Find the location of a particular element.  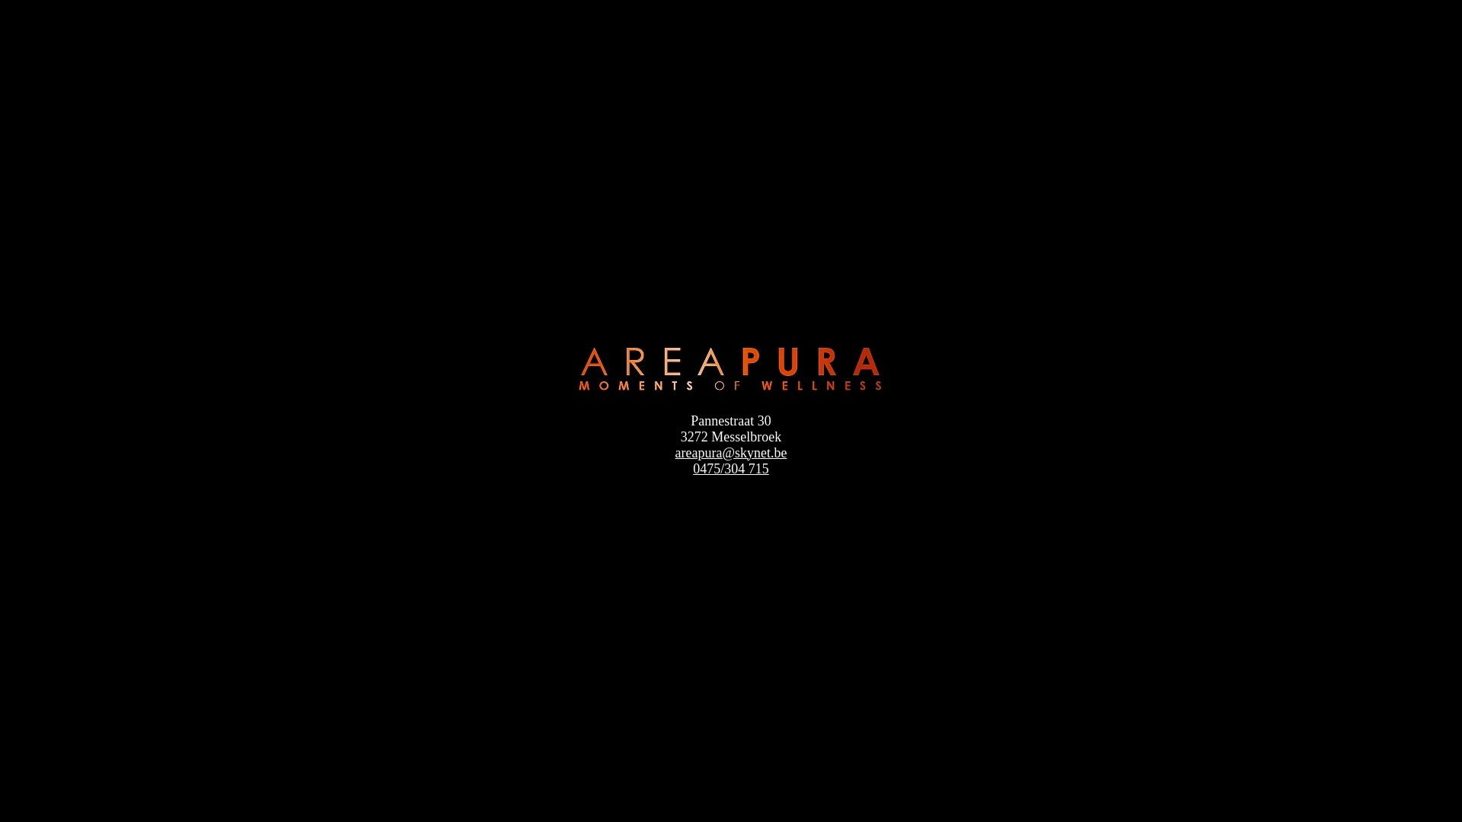

'areapura@skynet.be' is located at coordinates (729, 451).